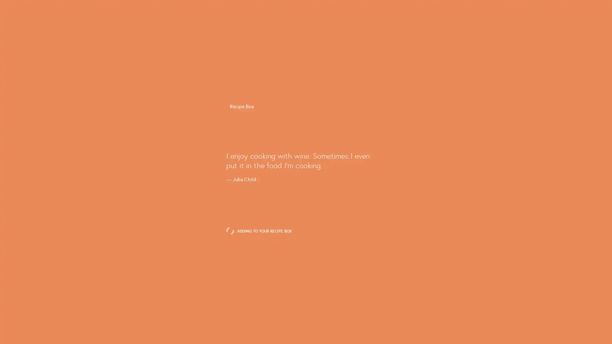  I want to click on Connect with Apple, so click(305, 198).